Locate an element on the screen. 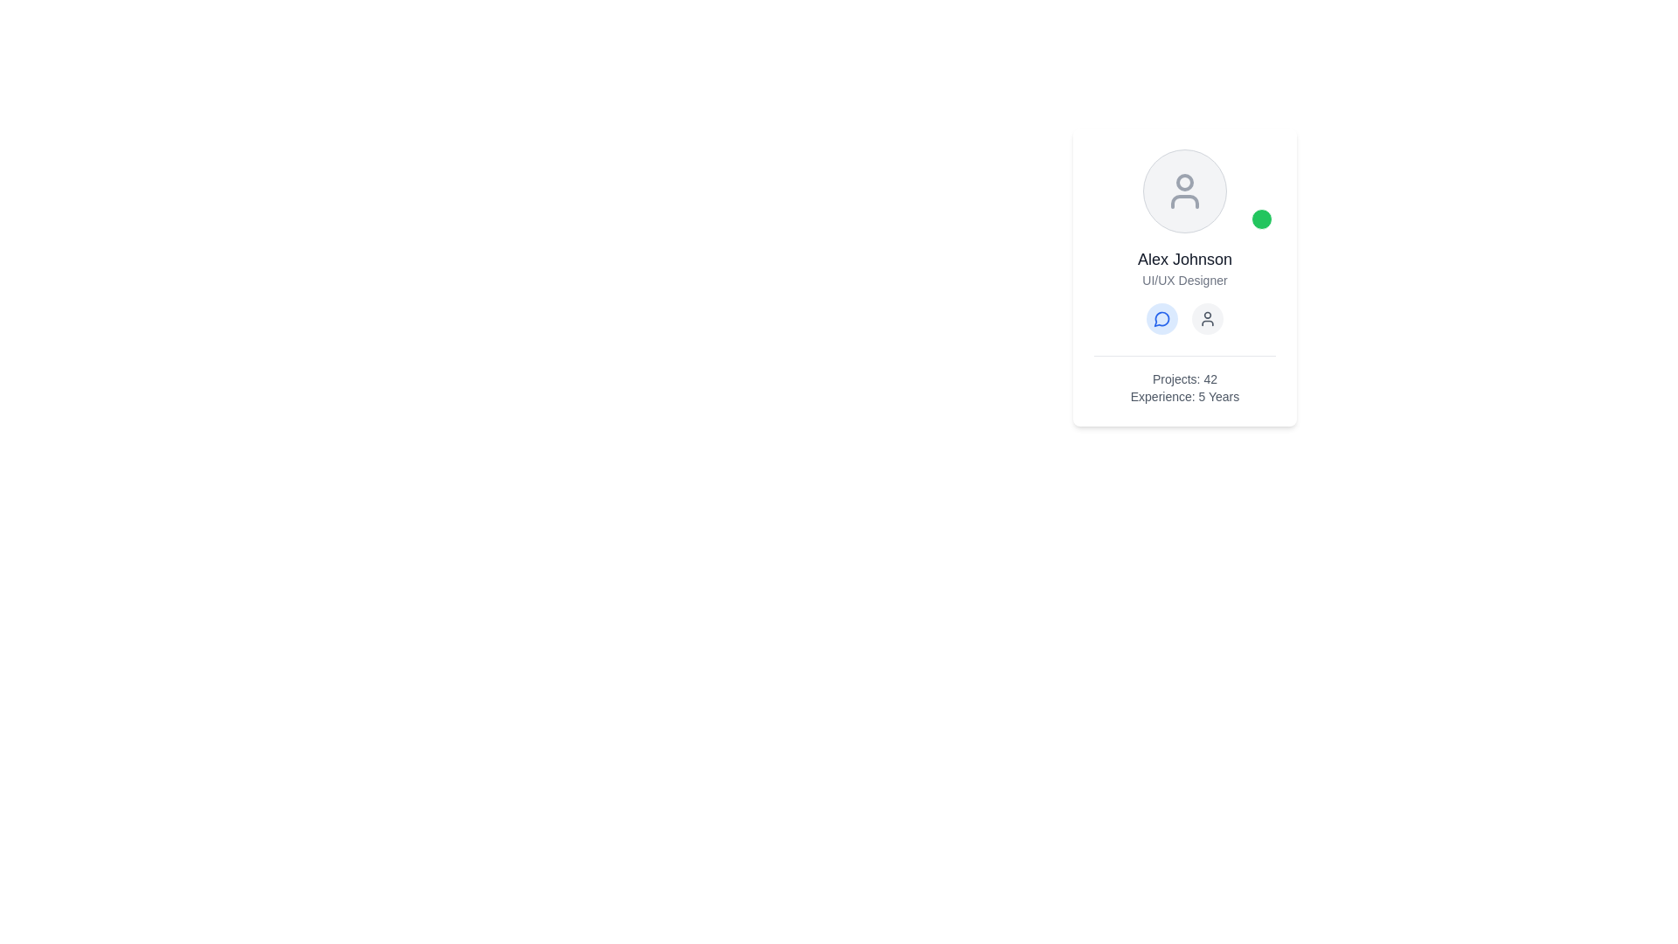  the blue circular icon representing a speech bubble, located adjacent to the user avatar and profile name, to initiate a message or comment is located at coordinates (1161, 319).